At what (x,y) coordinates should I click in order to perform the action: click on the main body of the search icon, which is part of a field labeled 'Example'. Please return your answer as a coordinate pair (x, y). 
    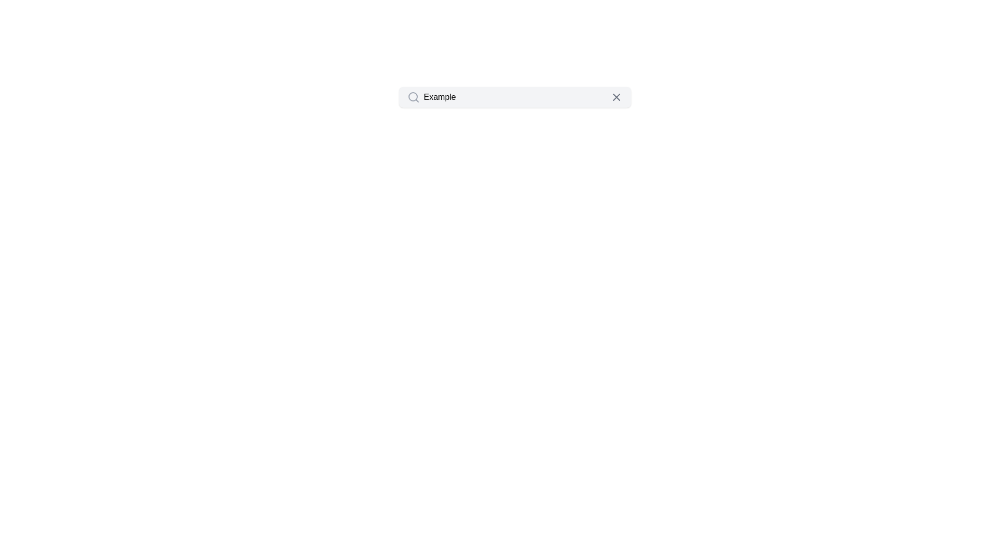
    Looking at the image, I should click on (412, 96).